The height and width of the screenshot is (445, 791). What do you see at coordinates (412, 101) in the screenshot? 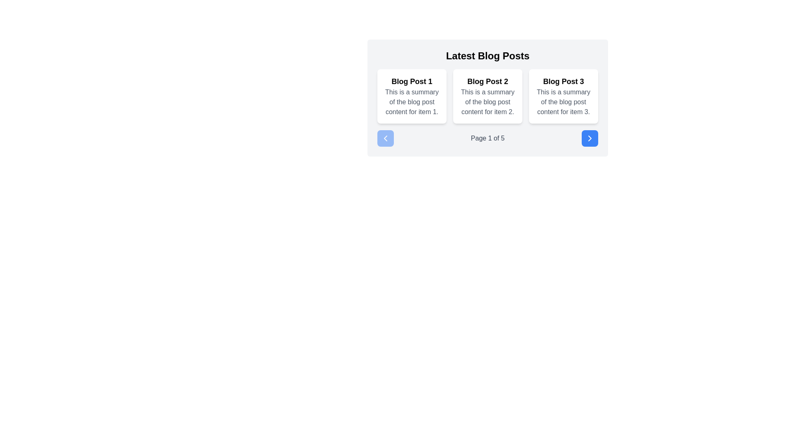
I see `the summary text label located below the title in the 'Blog Post 1' card, which provides a concise preview of the blog post's content` at bounding box center [412, 101].